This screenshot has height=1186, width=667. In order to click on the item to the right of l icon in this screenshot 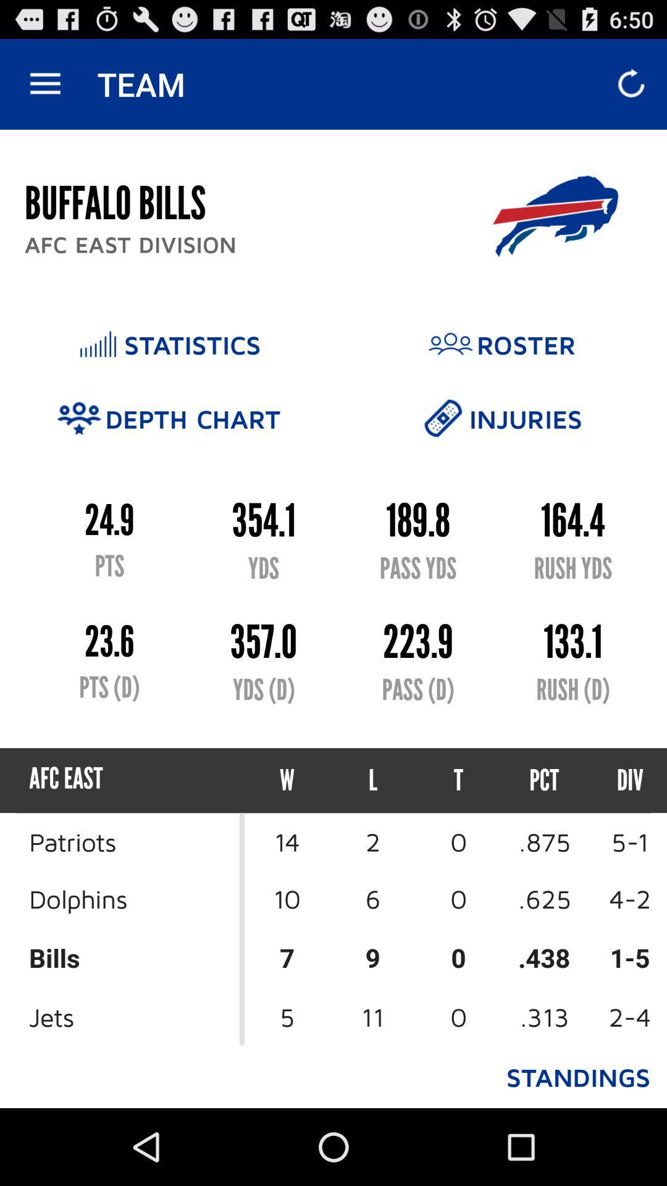, I will do `click(458, 780)`.